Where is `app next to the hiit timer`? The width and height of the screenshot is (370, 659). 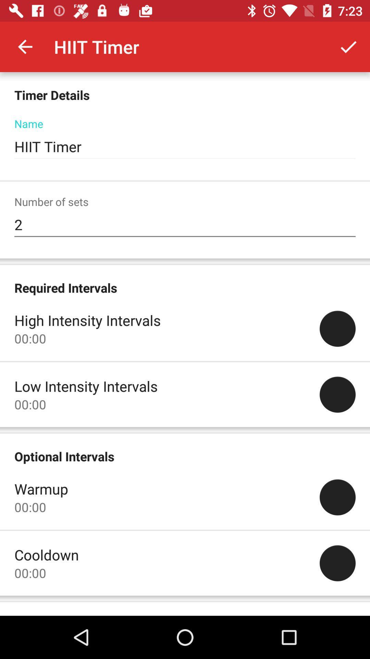 app next to the hiit timer is located at coordinates (348, 46).